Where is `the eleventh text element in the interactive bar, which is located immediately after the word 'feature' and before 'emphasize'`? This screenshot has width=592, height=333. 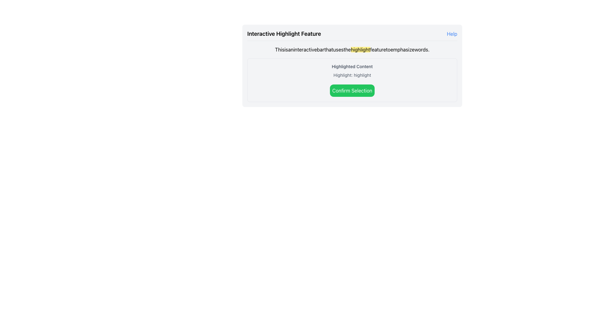 the eleventh text element in the interactive bar, which is located immediately after the word 'feature' and before 'emphasize' is located at coordinates (388, 49).